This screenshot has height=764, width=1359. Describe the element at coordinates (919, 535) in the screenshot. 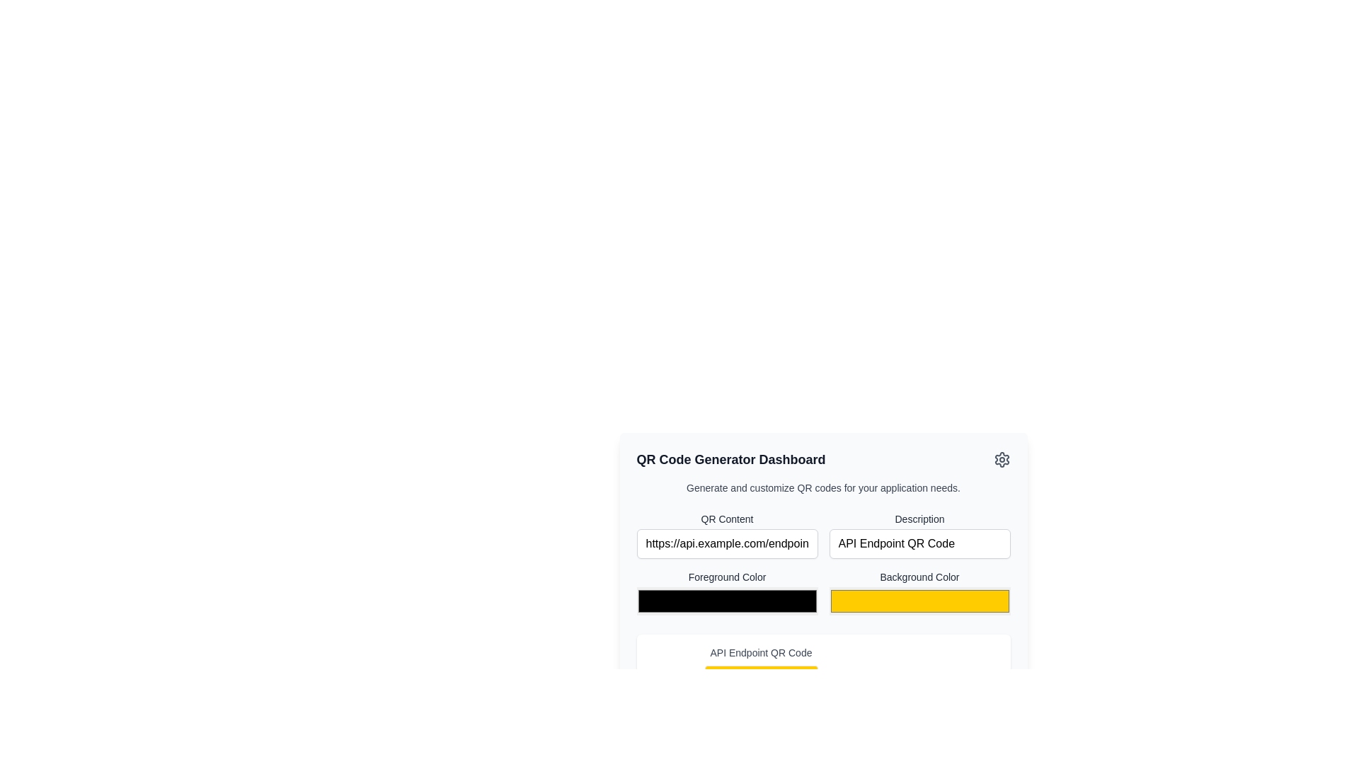

I see `the text input field used for inputting the description associated with the QR code to focus on it` at that location.